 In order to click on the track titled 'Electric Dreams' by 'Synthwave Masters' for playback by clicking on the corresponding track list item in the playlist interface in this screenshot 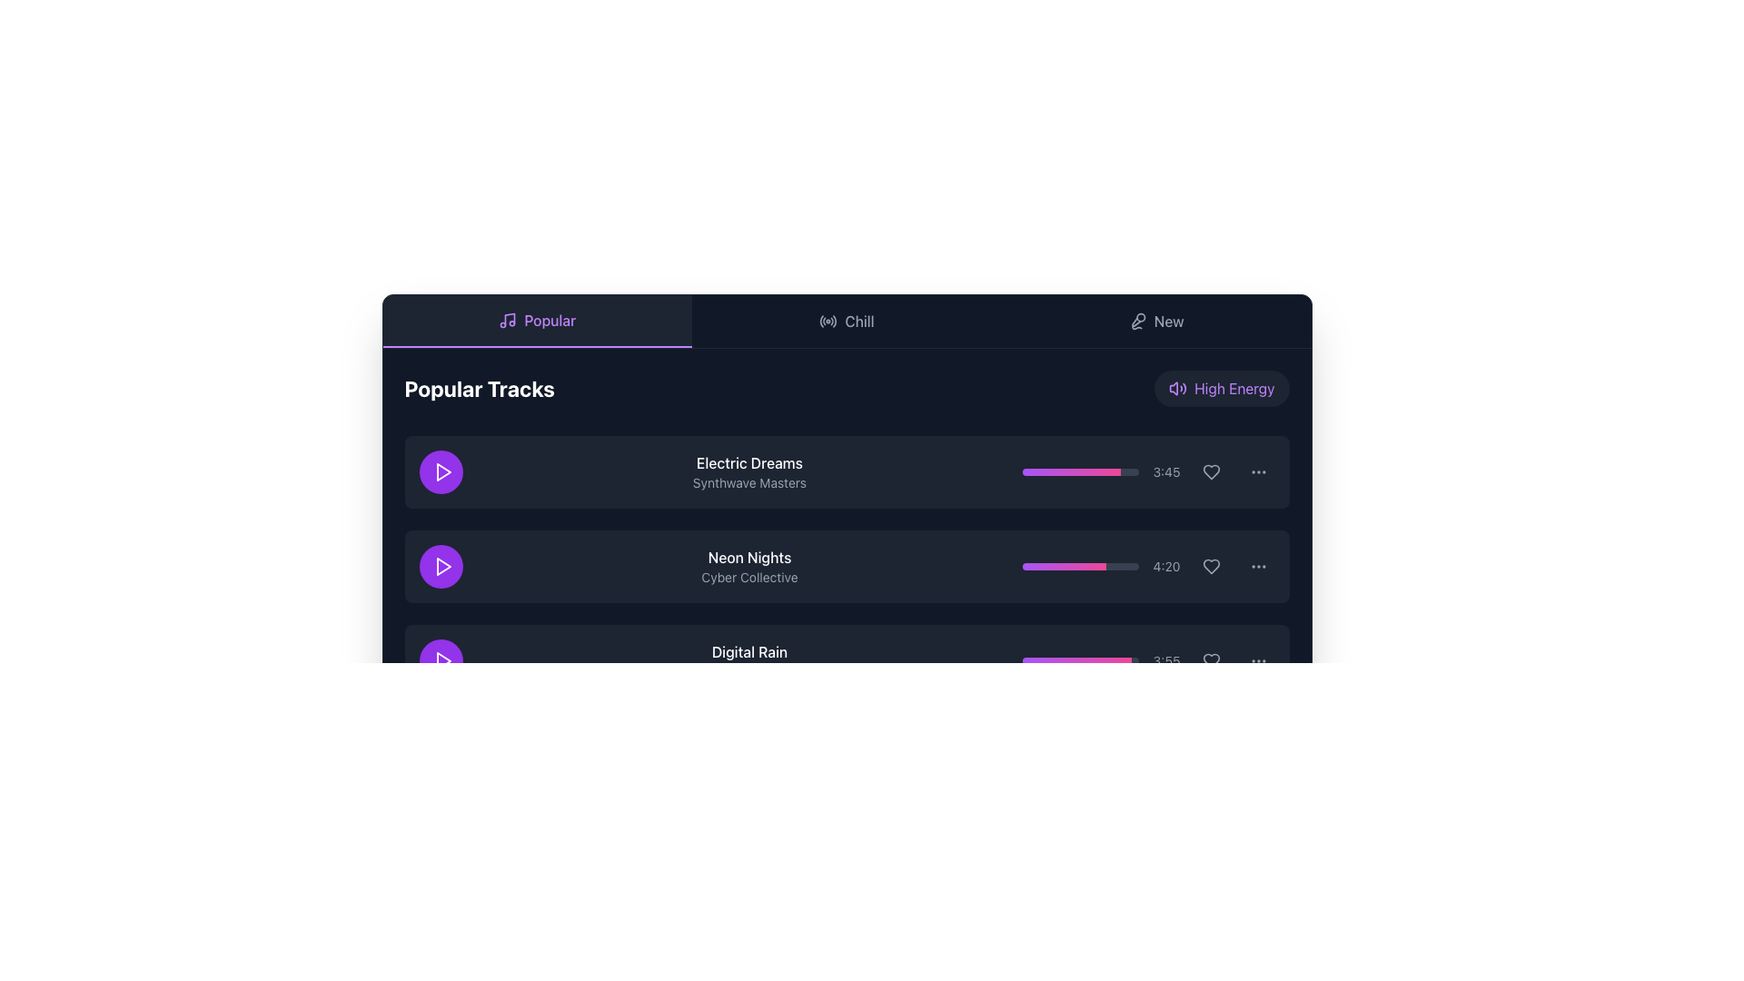, I will do `click(846, 471)`.